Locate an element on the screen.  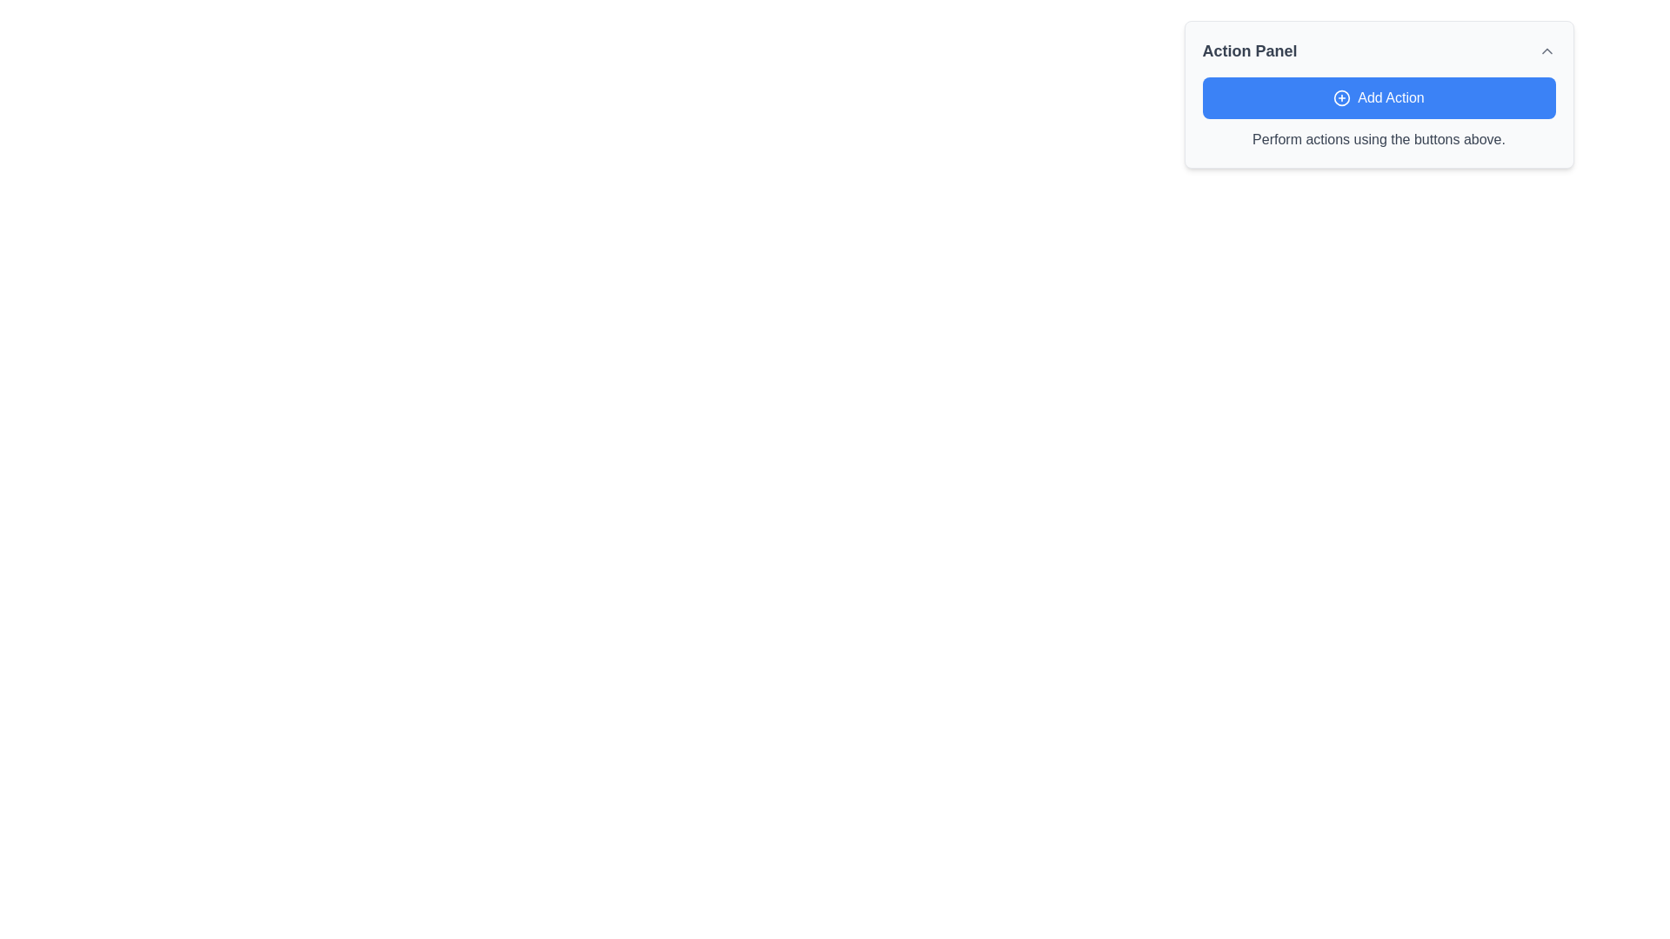
the interactive blue button labeled 'Add Action' to receive visual feedback is located at coordinates (1378, 114).